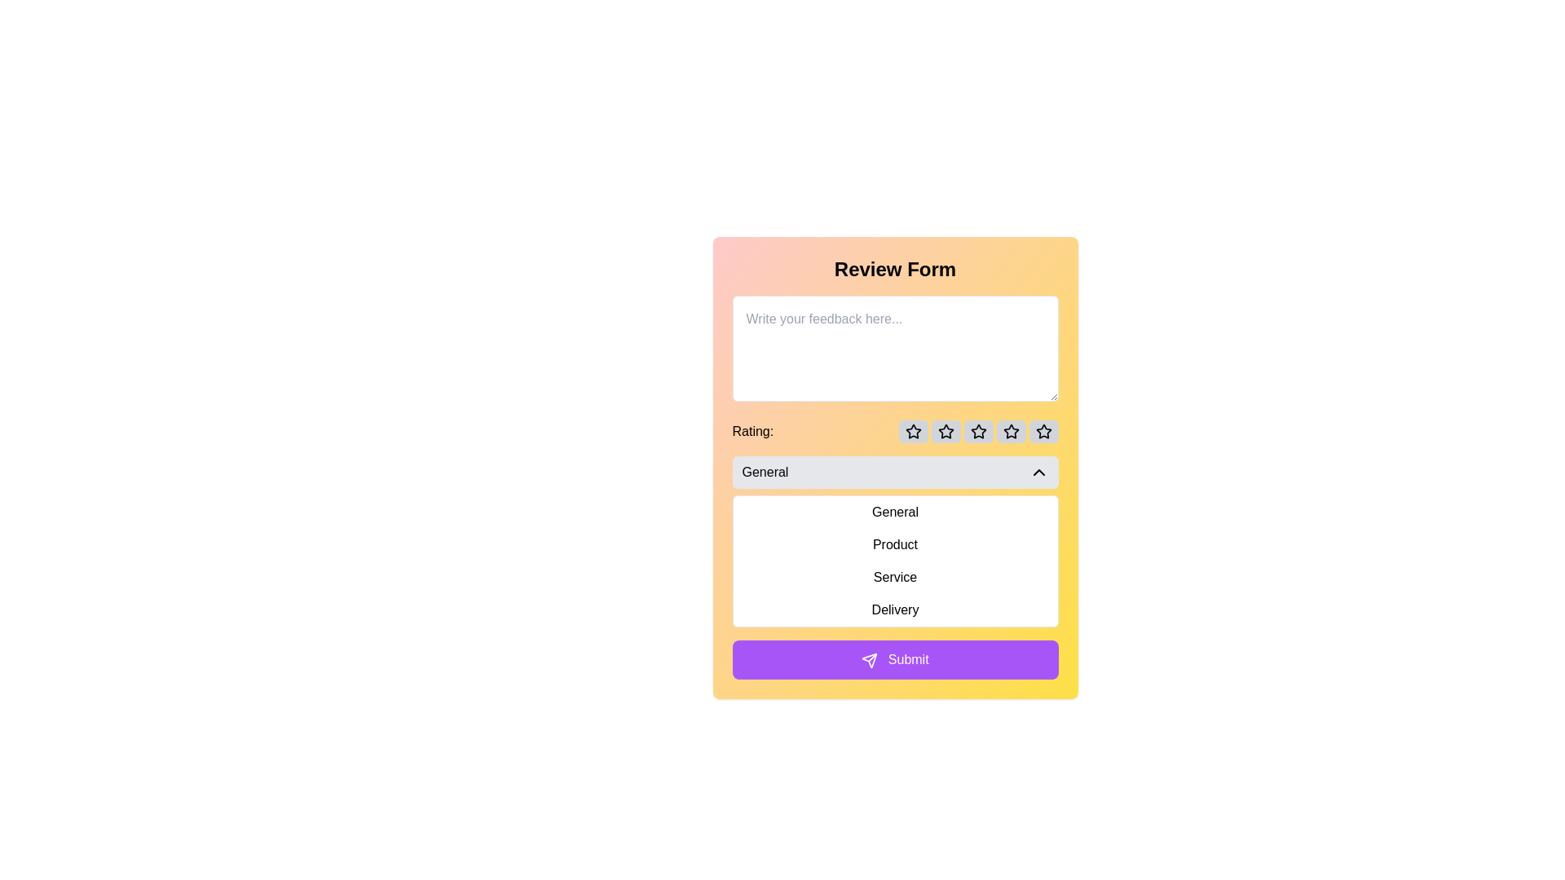 This screenshot has width=1565, height=880. Describe the element at coordinates (894, 577) in the screenshot. I see `the third item in the dropdown menu under 'GeneralProductServiceDelivery'` at that location.